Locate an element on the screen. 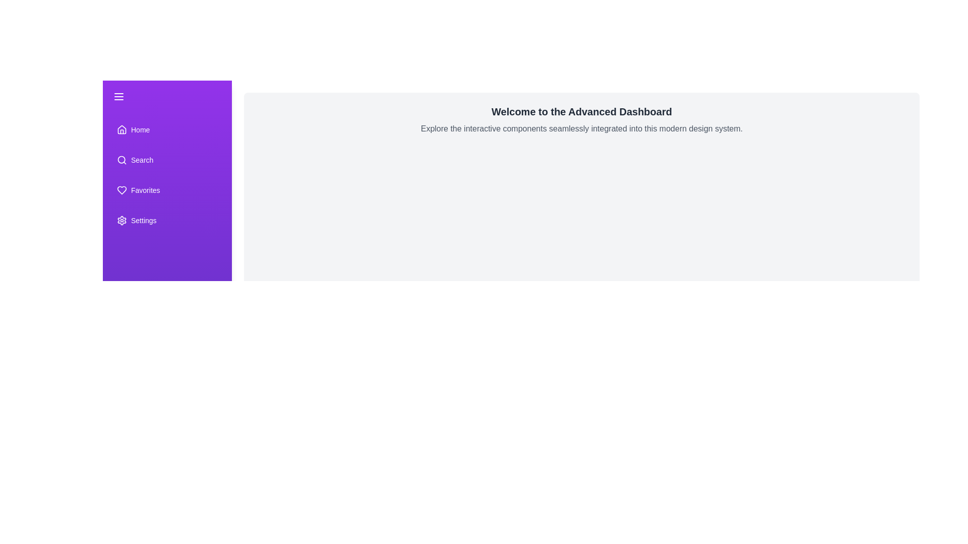 Image resolution: width=968 pixels, height=544 pixels. the 'Search' menu item in the DashboardDrawer is located at coordinates (167, 159).